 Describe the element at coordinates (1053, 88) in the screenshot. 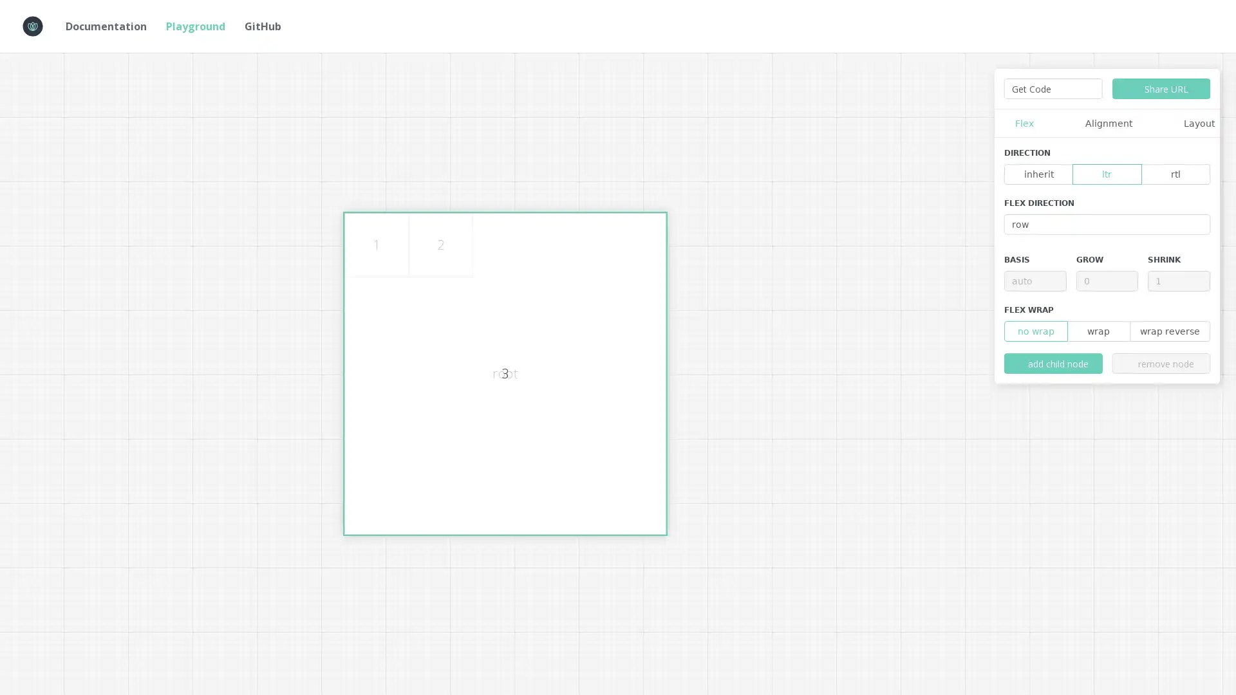

I see `Get Code` at that location.